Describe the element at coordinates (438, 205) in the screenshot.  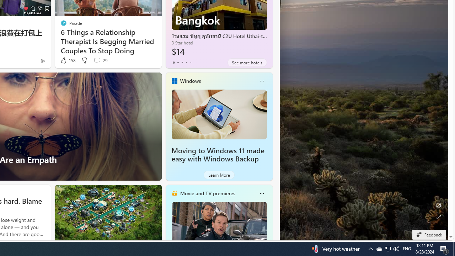
I see `'Edit Background'` at that location.